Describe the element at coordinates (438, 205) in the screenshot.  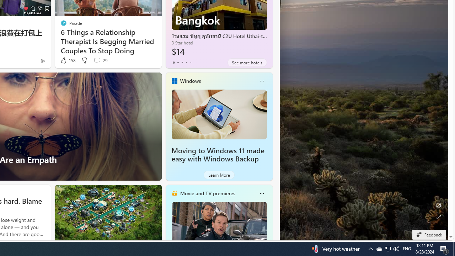
I see `'Edit Background'` at that location.